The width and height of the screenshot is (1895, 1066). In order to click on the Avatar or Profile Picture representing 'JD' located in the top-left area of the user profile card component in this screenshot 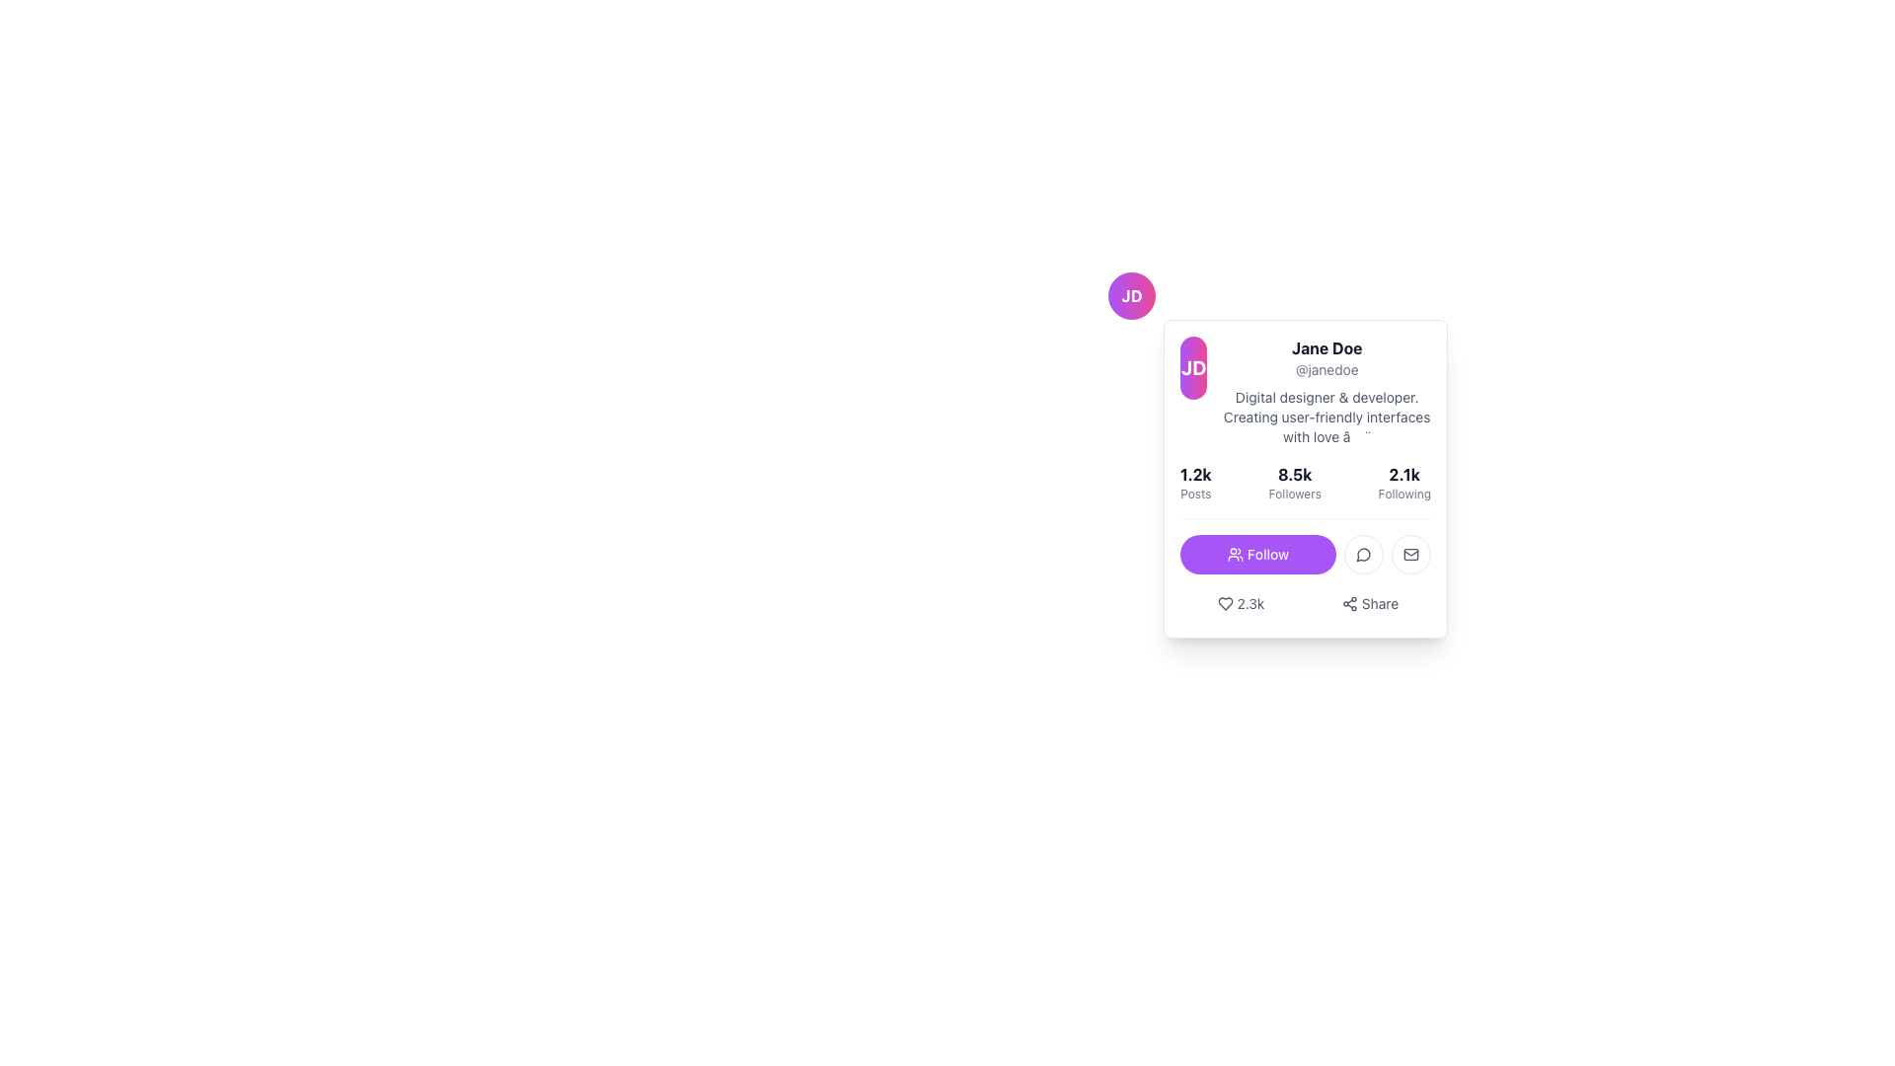, I will do `click(1132, 296)`.